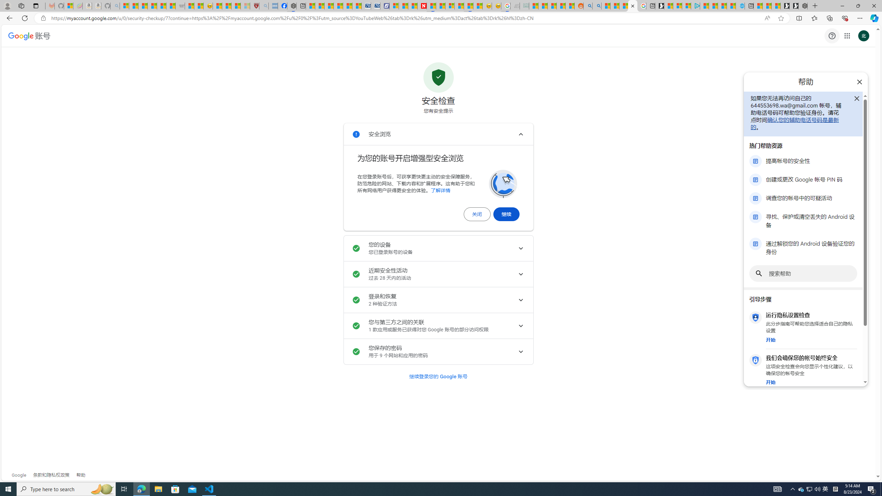  What do you see at coordinates (596, 6) in the screenshot?
I see `'Utah sues federal government - Search'` at bounding box center [596, 6].